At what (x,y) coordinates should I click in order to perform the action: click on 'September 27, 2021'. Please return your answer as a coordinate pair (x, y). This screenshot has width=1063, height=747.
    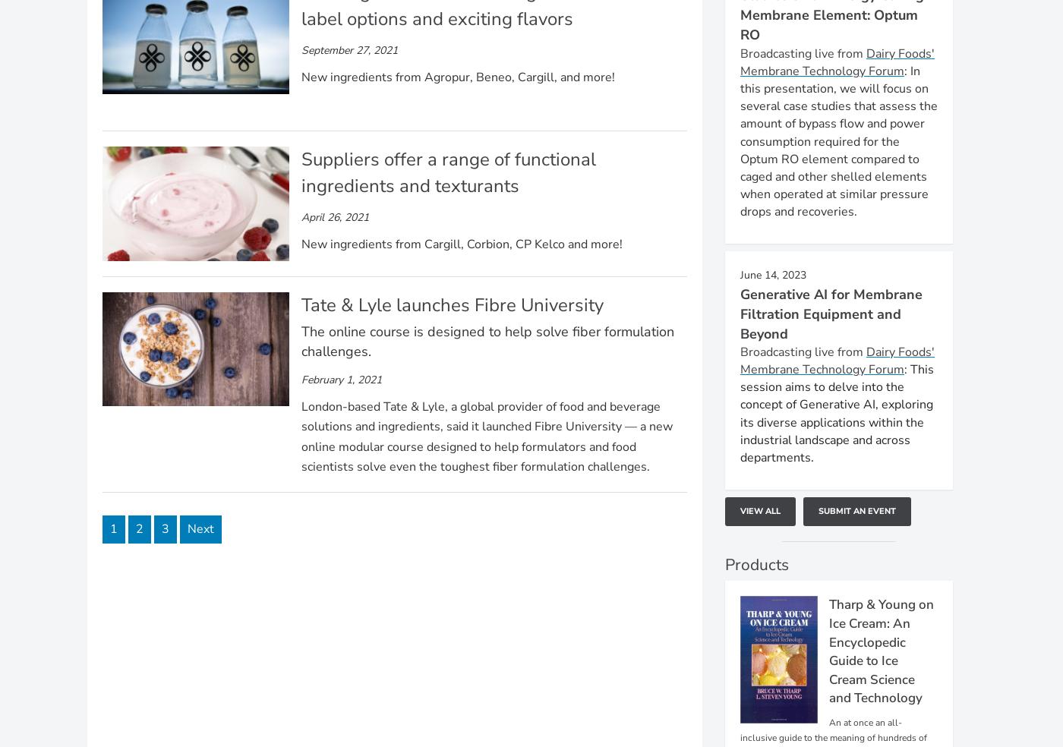
    Looking at the image, I should click on (349, 49).